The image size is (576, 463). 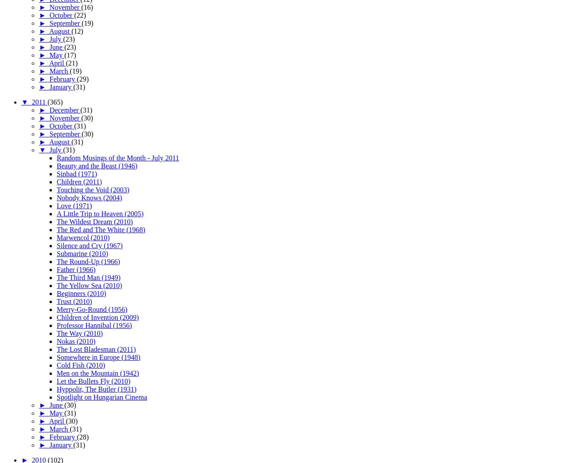 What do you see at coordinates (76, 341) in the screenshot?
I see `'Nokas (2010)'` at bounding box center [76, 341].